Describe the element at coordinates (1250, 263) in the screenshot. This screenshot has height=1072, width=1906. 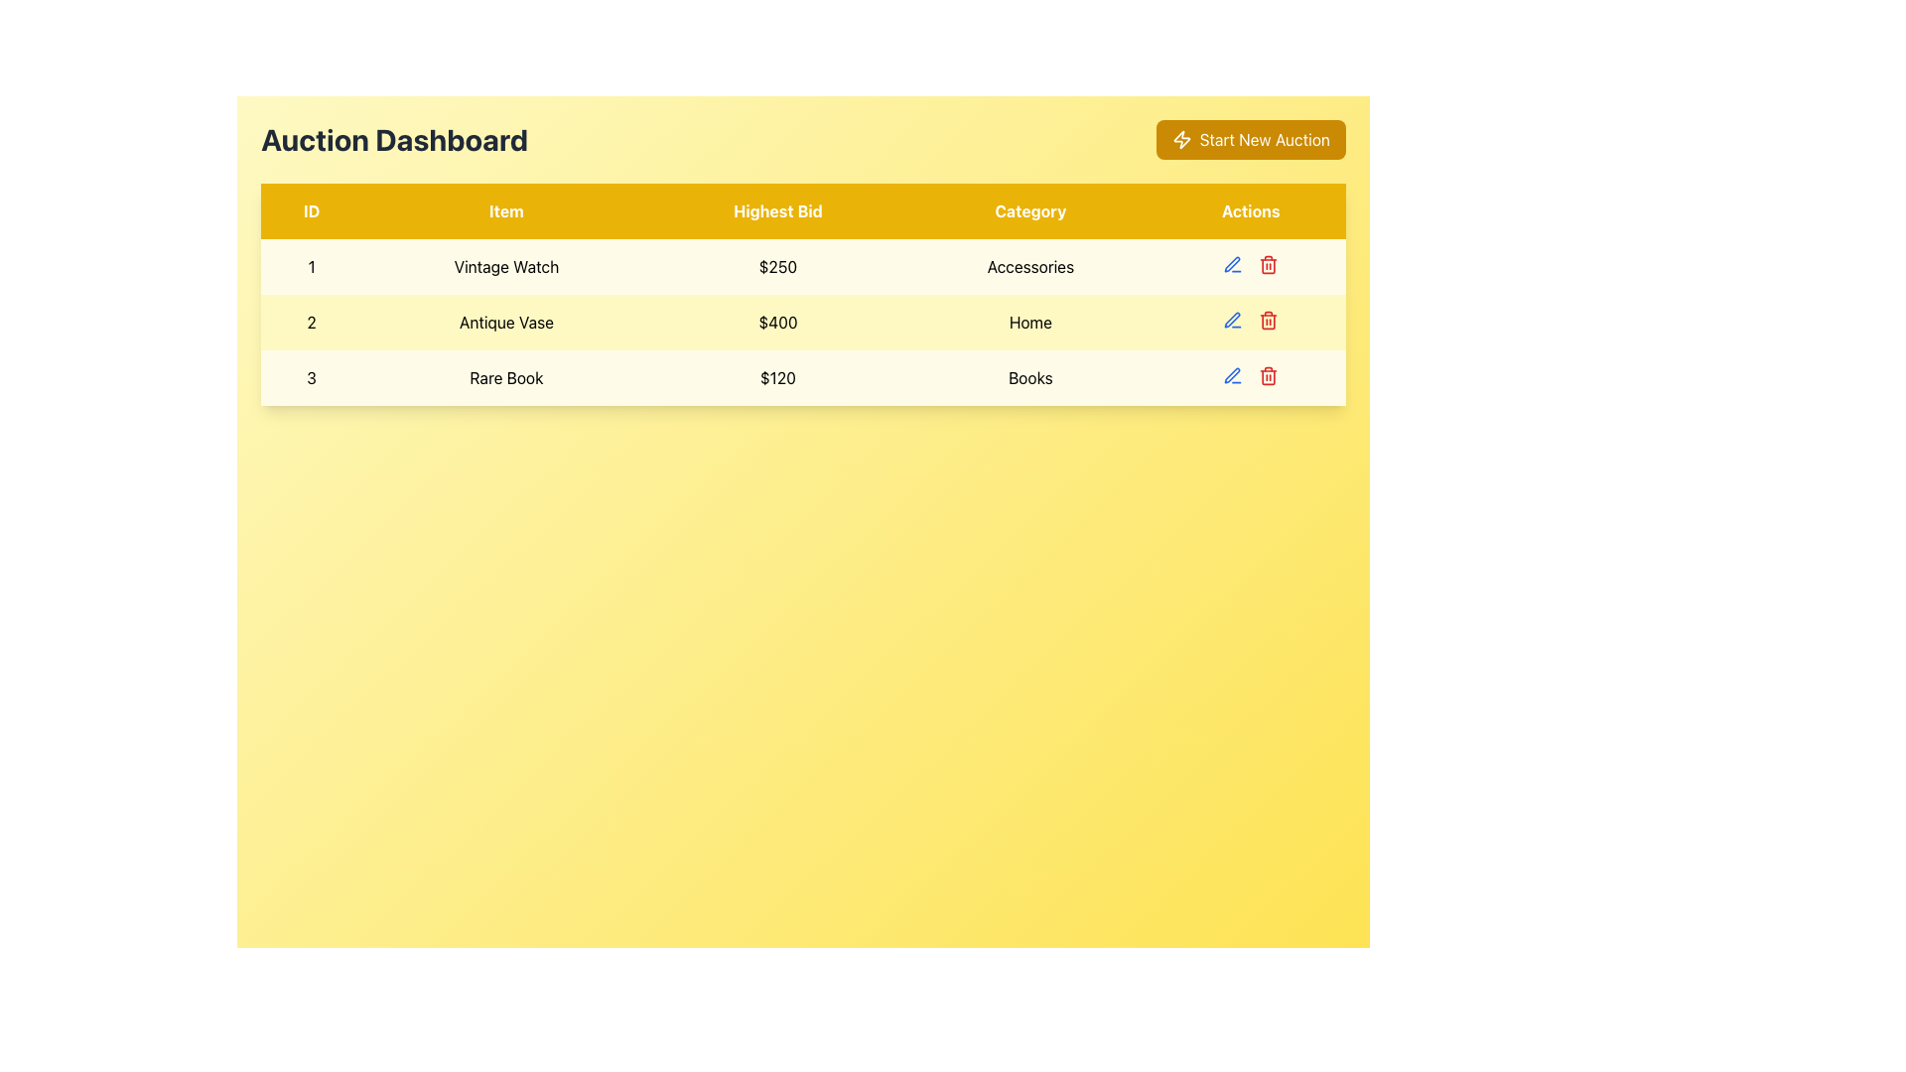
I see `the trash bin icon located in the 'Actions' column of the first row of the table` at that location.